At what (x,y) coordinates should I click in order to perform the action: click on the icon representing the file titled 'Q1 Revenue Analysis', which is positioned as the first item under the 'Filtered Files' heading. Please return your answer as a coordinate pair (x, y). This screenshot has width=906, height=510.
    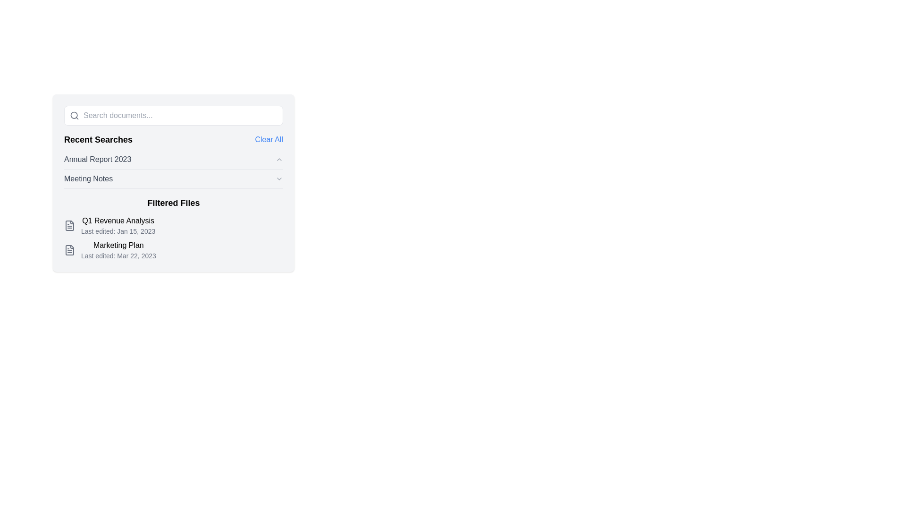
    Looking at the image, I should click on (69, 226).